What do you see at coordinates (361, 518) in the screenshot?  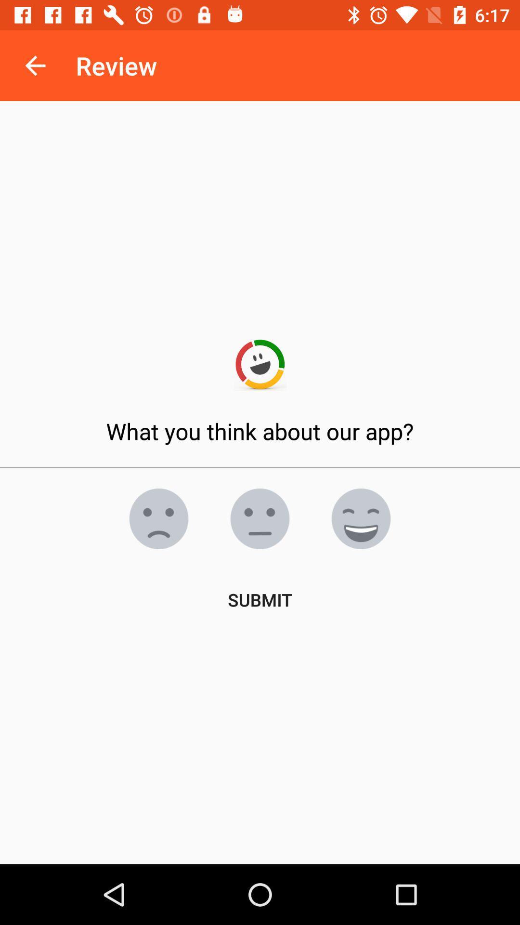 I see `the item above the submit` at bounding box center [361, 518].